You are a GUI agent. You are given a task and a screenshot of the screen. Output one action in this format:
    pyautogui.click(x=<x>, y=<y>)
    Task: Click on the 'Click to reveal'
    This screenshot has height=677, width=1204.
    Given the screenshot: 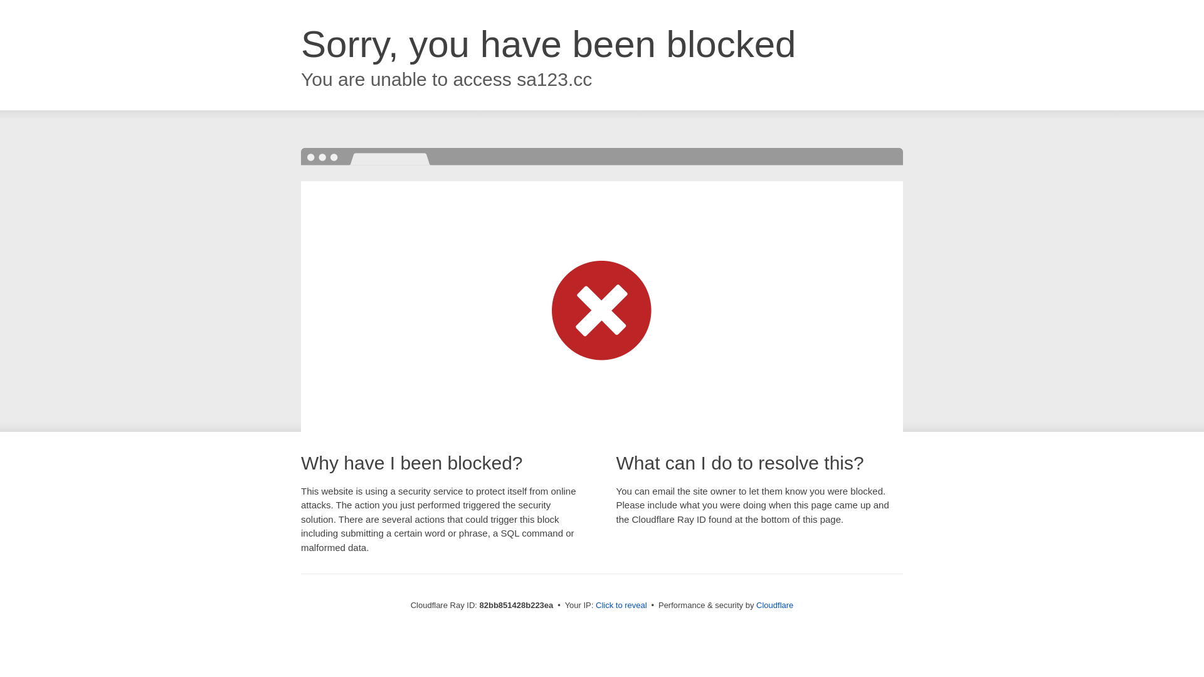 What is the action you would take?
    pyautogui.click(x=621, y=604)
    